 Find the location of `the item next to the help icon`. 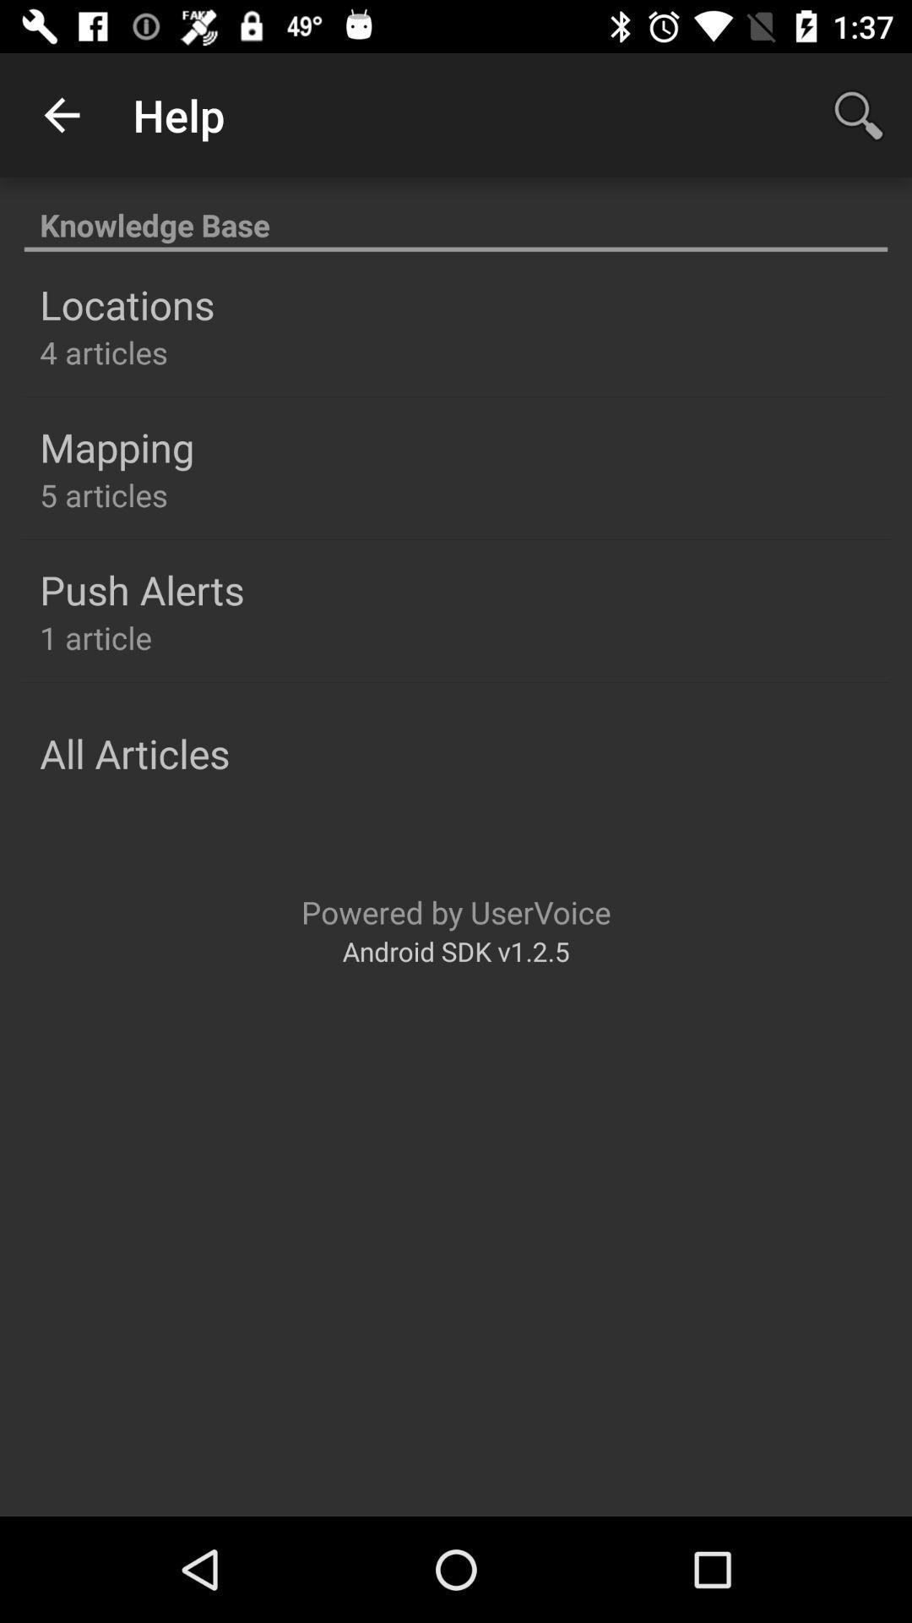

the item next to the help icon is located at coordinates (61, 114).